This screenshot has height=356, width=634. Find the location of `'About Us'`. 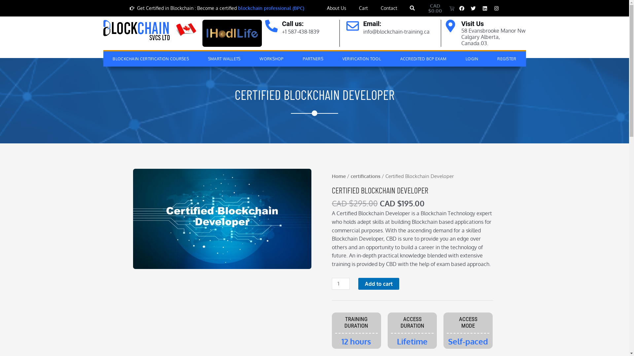

'About Us' is located at coordinates (336, 8).